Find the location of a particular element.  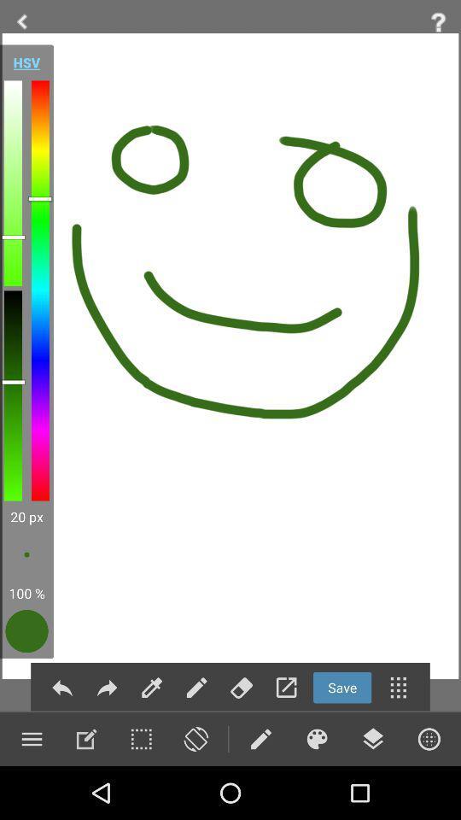

the arrow_backward icon is located at coordinates (21, 21).